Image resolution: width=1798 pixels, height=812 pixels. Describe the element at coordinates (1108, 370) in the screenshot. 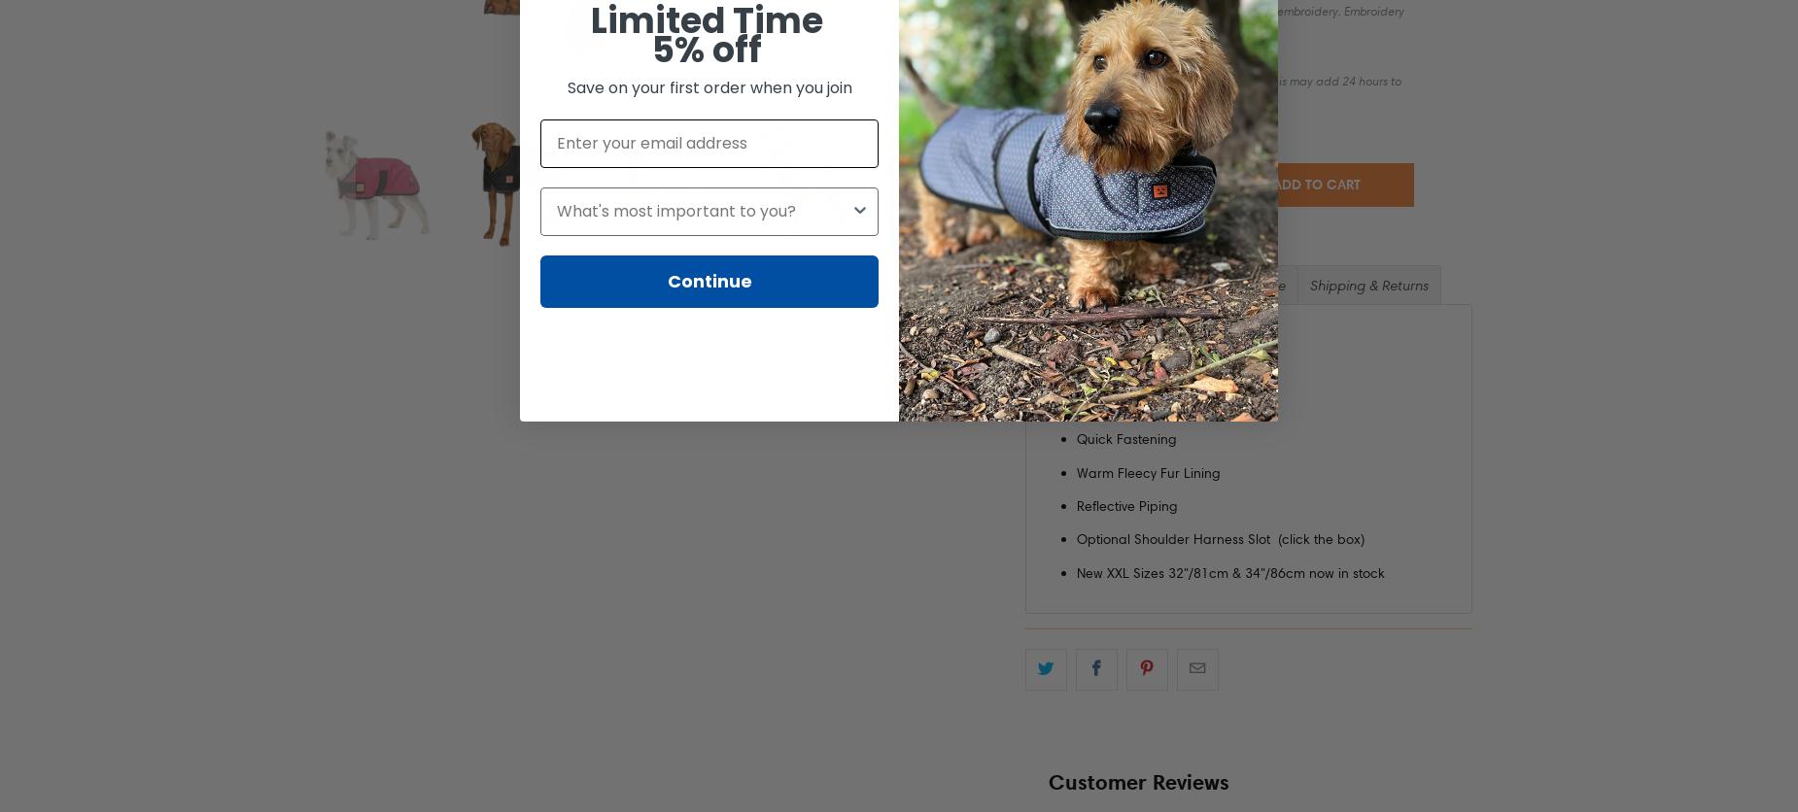

I see `'Windproof'` at that location.